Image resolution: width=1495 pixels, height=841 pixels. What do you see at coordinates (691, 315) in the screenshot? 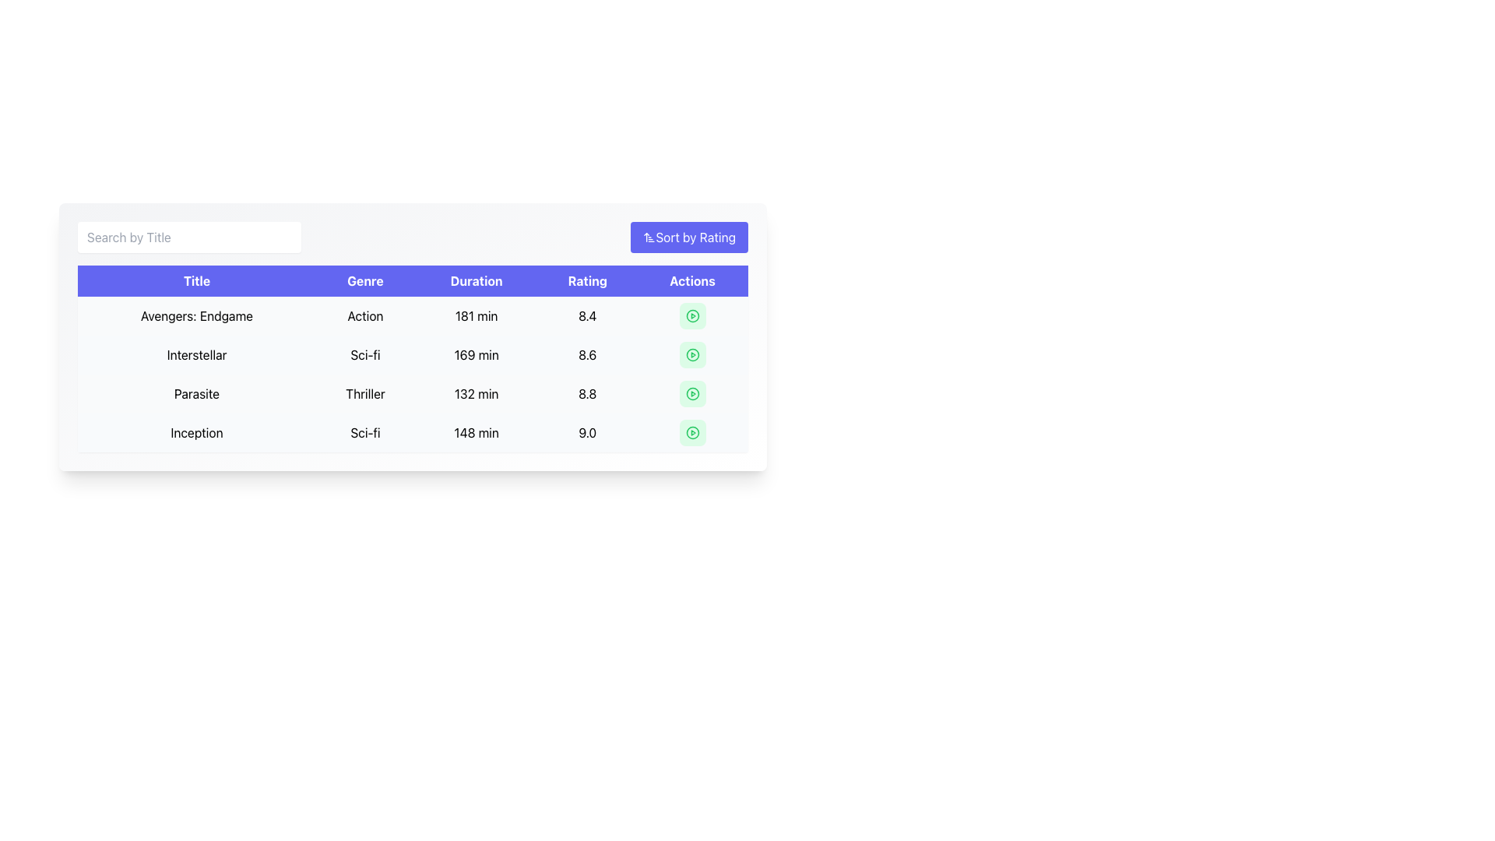
I see `the play button located in the 'Actions' column of the first row of the table adjacent to the 'Rating' column for the movie 'Avengers: Endgame'` at bounding box center [691, 315].